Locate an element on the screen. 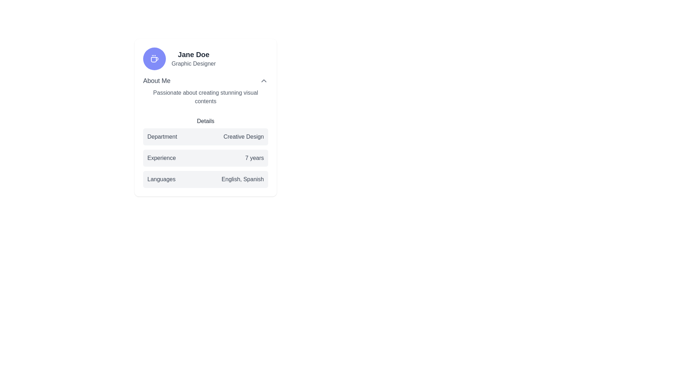 This screenshot has width=682, height=383. the Informational bar displaying 'Languages' and 'English, Spanish', located below 'Department' and 'Experience' is located at coordinates (205, 179).